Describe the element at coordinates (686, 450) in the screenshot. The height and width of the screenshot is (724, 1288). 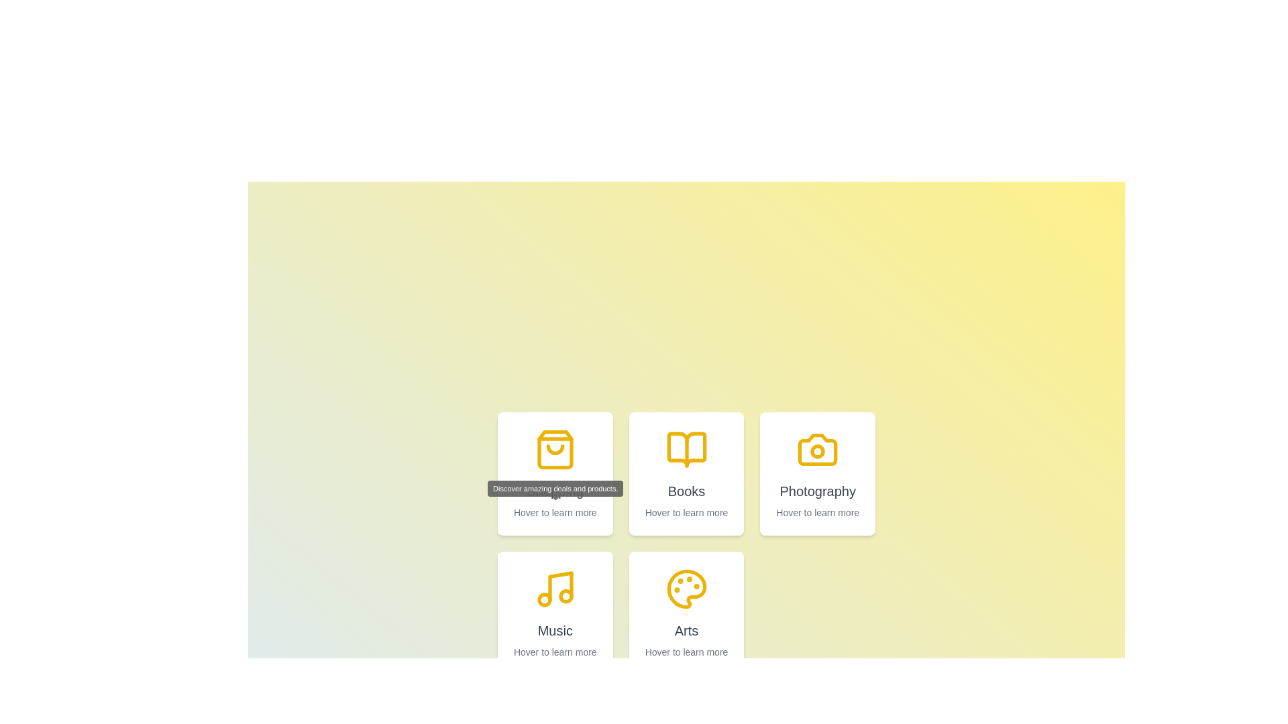
I see `visually on the open book icon within the 'Books' card` at that location.